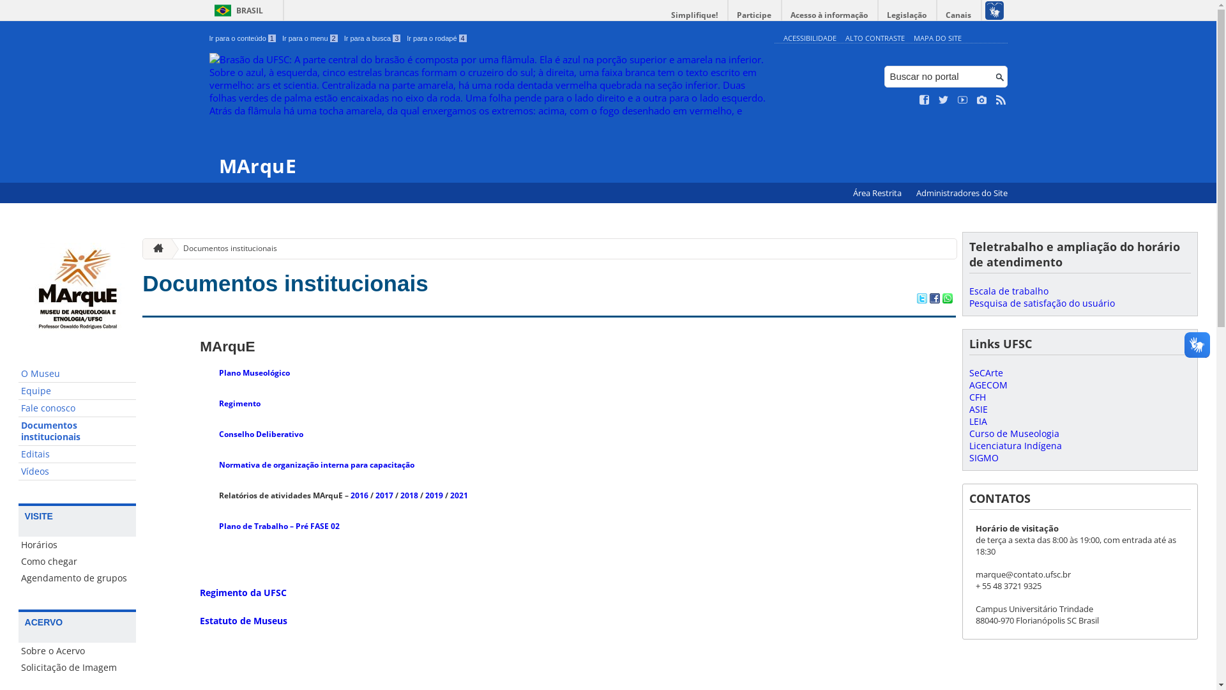  I want to click on 'MAPA DO SITE', so click(937, 37).